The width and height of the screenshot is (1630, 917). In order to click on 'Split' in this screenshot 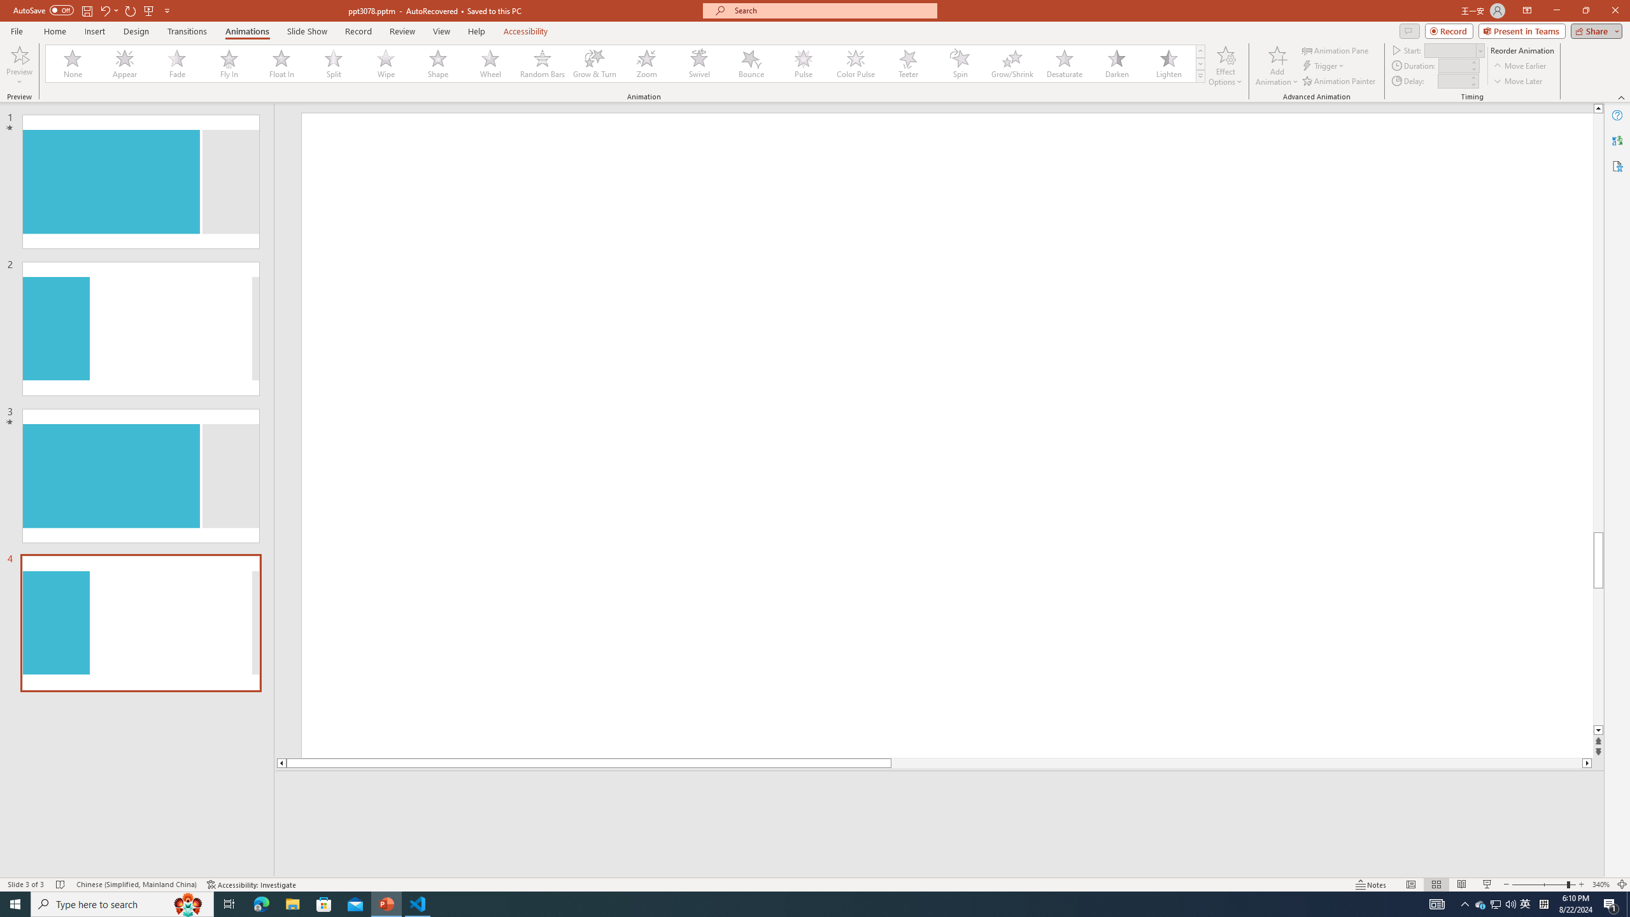, I will do `click(333, 63)`.